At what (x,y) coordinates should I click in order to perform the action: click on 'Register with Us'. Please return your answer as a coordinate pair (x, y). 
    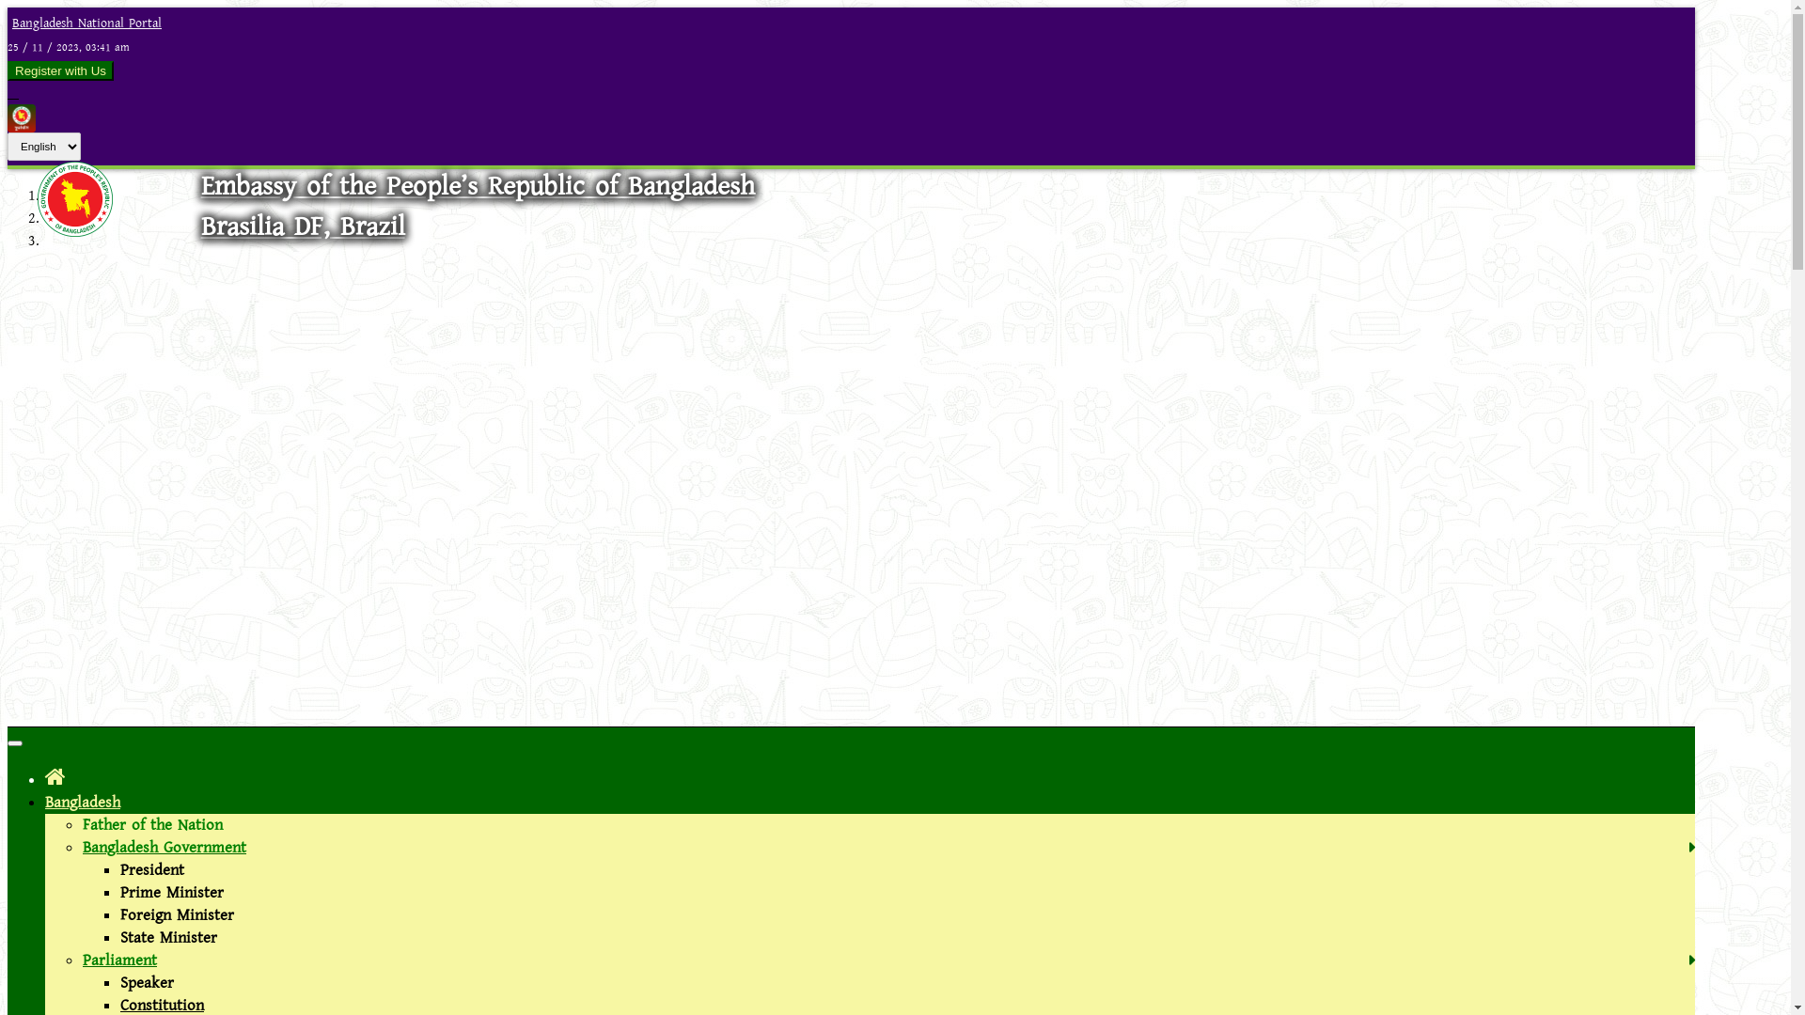
    Looking at the image, I should click on (60, 70).